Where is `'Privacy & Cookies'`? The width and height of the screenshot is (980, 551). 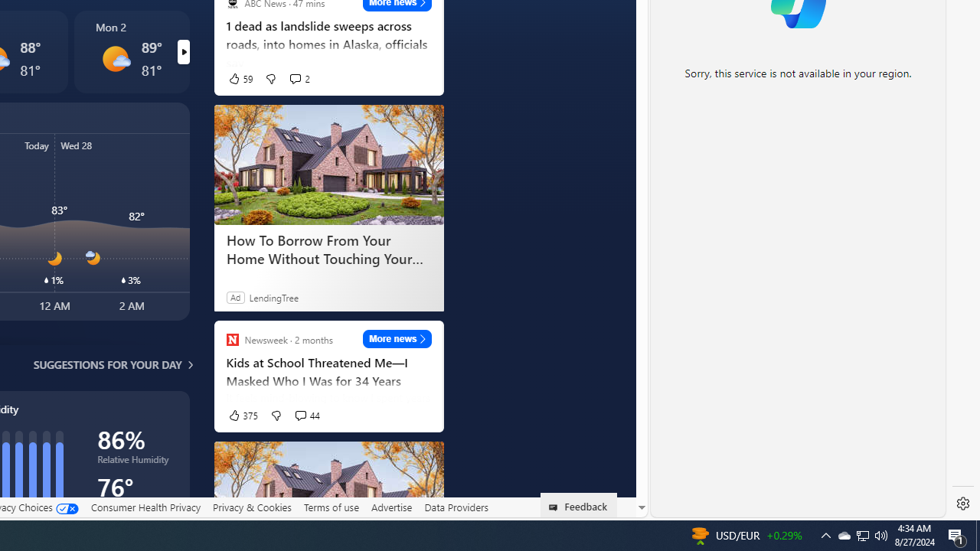
'Privacy & Cookies' is located at coordinates (252, 507).